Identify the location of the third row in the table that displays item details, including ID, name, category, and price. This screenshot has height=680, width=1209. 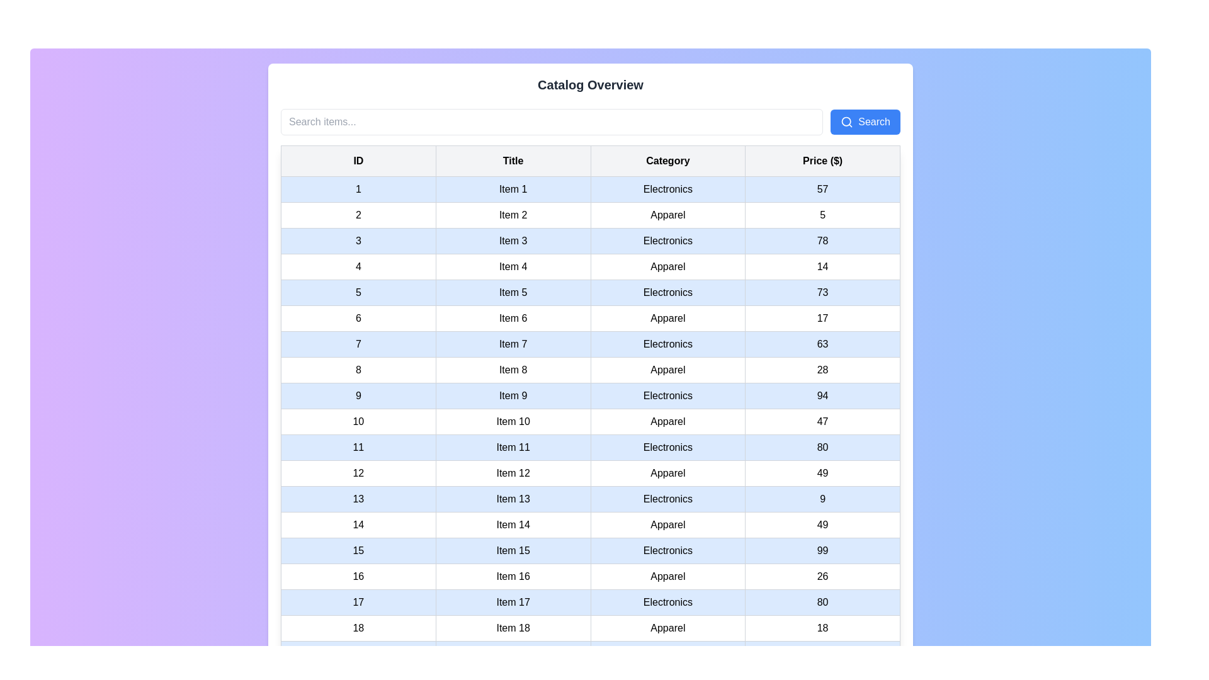
(589, 241).